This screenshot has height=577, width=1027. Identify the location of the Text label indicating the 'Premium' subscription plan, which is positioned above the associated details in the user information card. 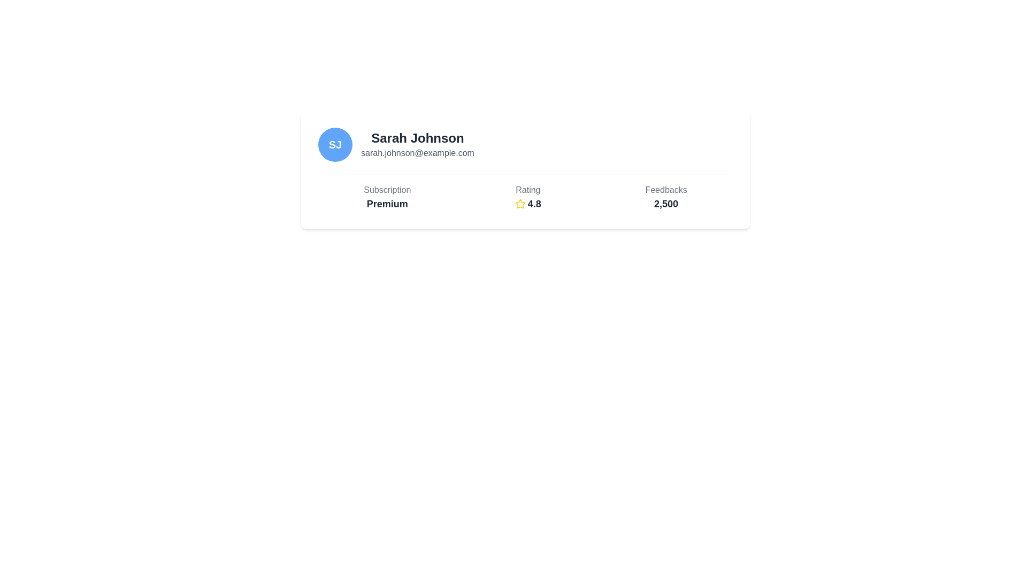
(387, 189).